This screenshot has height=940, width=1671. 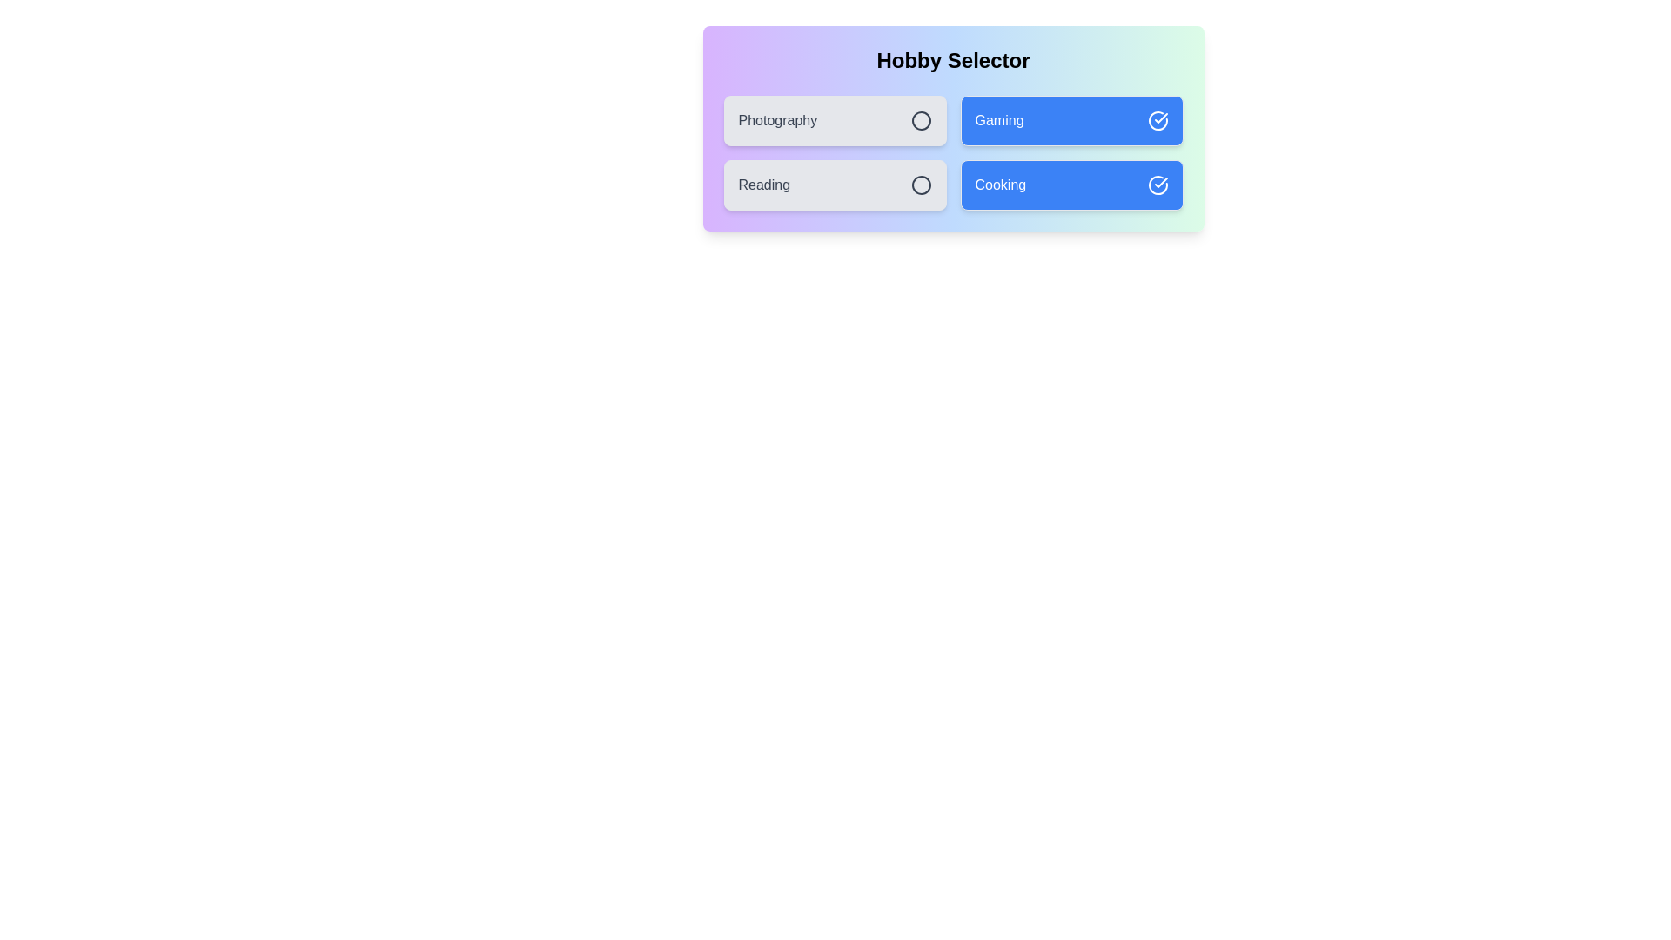 What do you see at coordinates (952, 59) in the screenshot?
I see `the heading text 'Hobby Selector'` at bounding box center [952, 59].